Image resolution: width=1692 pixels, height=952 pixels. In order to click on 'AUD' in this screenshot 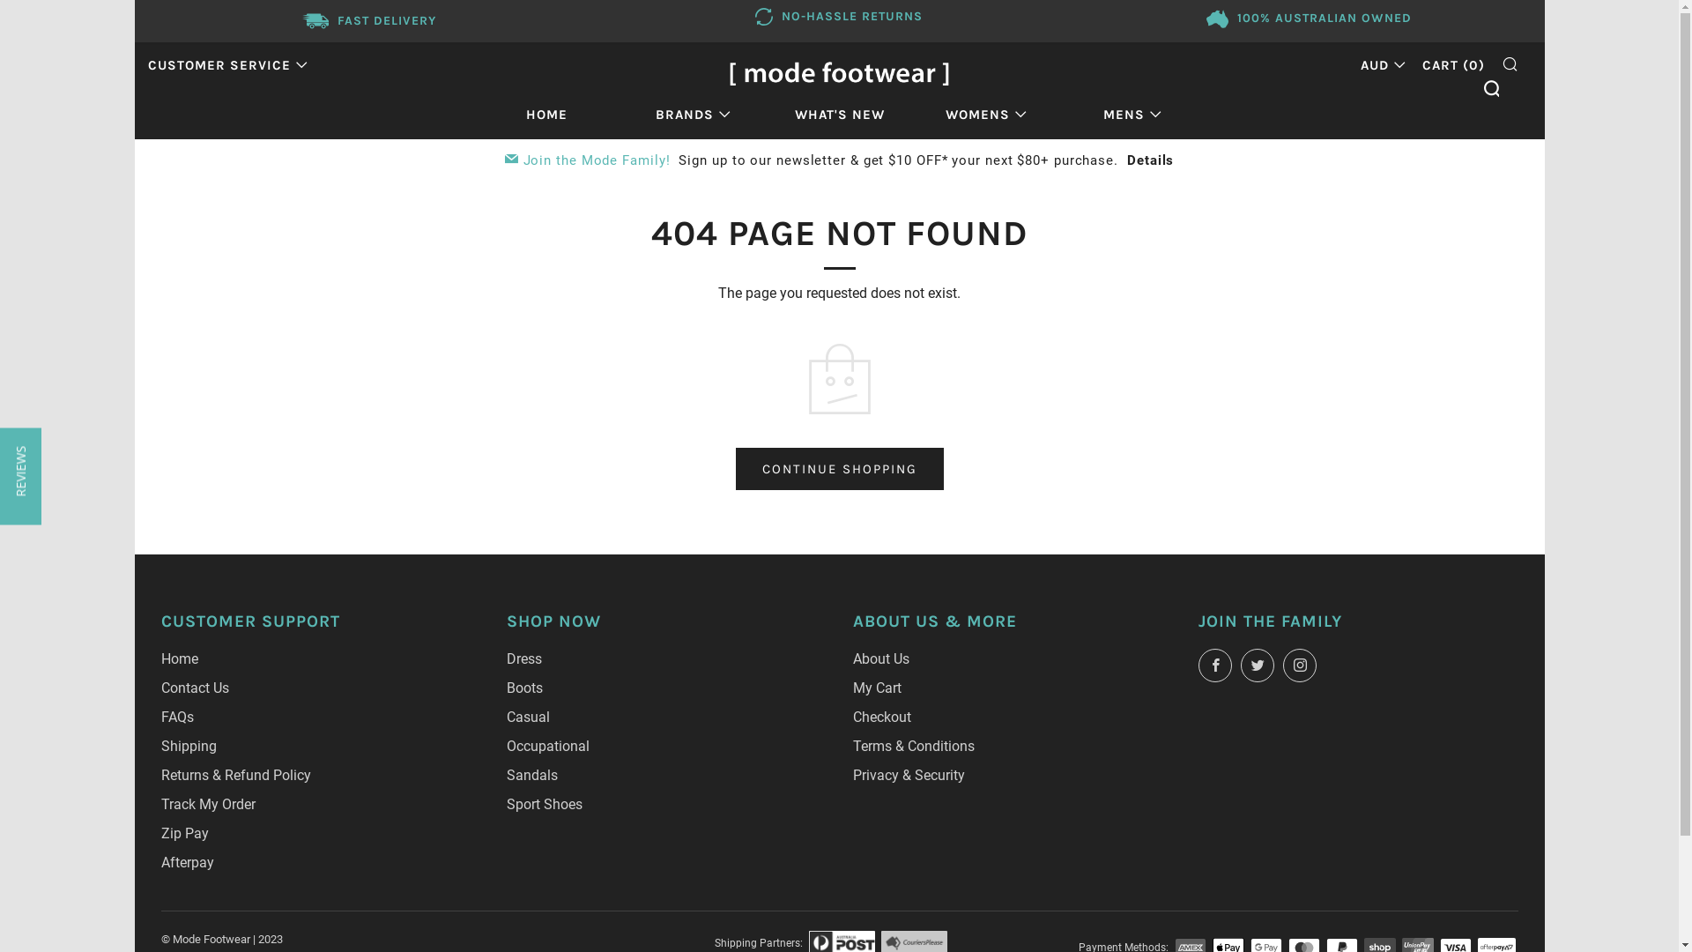, I will do `click(1377, 63)`.